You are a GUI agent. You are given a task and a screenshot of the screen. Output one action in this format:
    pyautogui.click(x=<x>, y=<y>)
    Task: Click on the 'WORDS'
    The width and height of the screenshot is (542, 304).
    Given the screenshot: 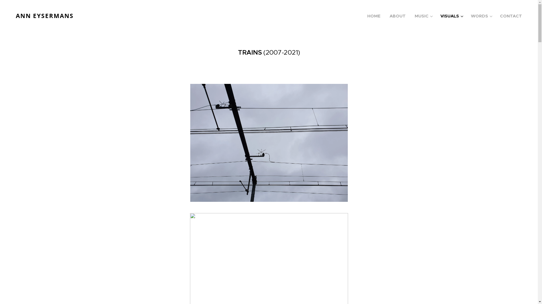 What is the action you would take?
    pyautogui.click(x=480, y=16)
    